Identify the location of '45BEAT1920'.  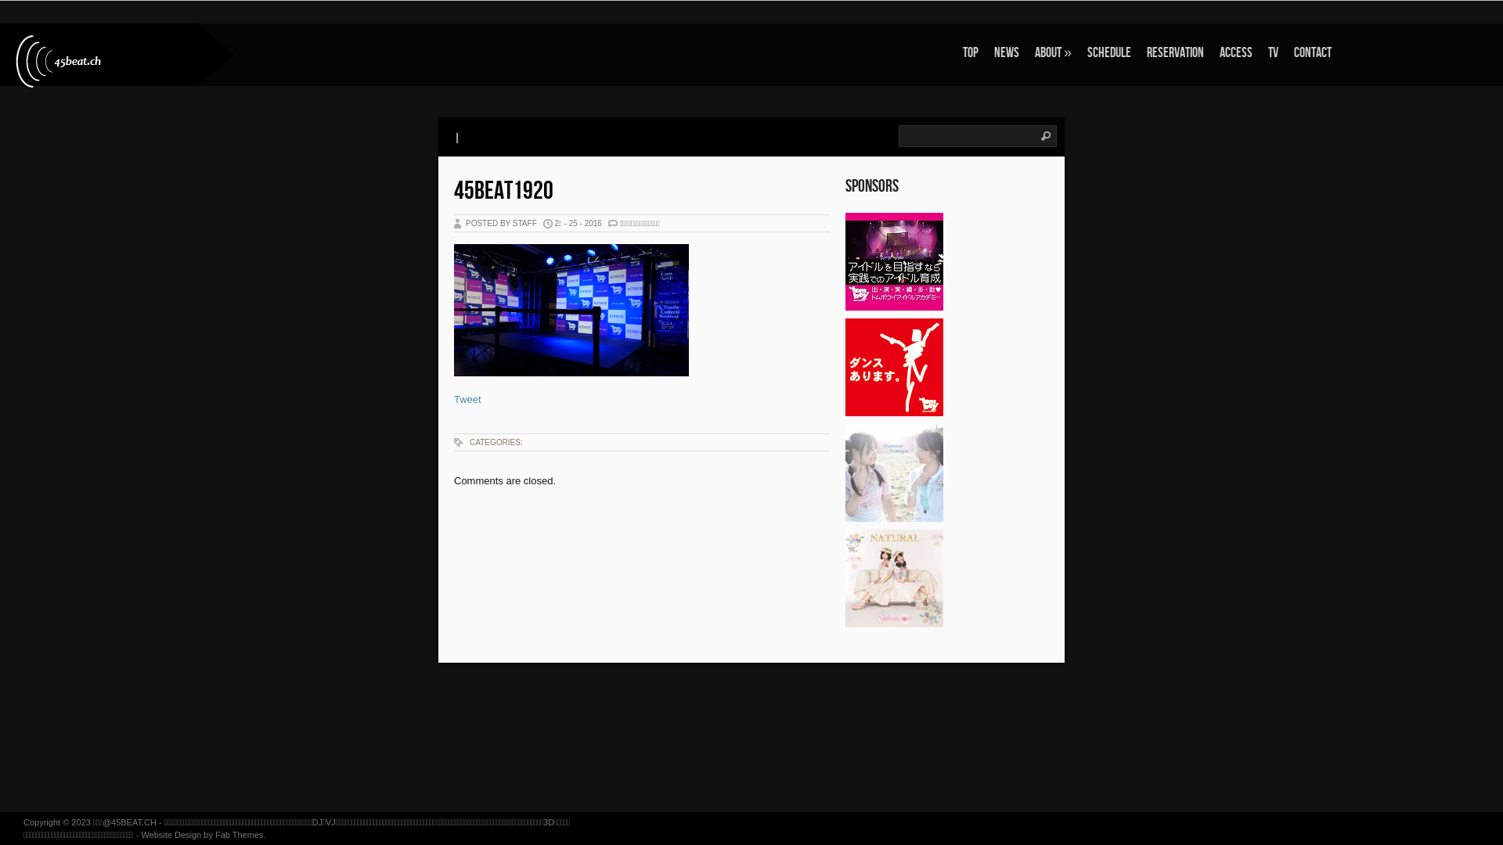
(503, 190).